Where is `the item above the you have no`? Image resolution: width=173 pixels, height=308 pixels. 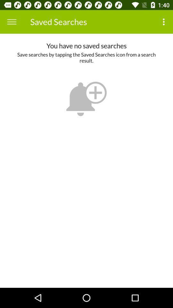
the item above the you have no is located at coordinates (164, 22).